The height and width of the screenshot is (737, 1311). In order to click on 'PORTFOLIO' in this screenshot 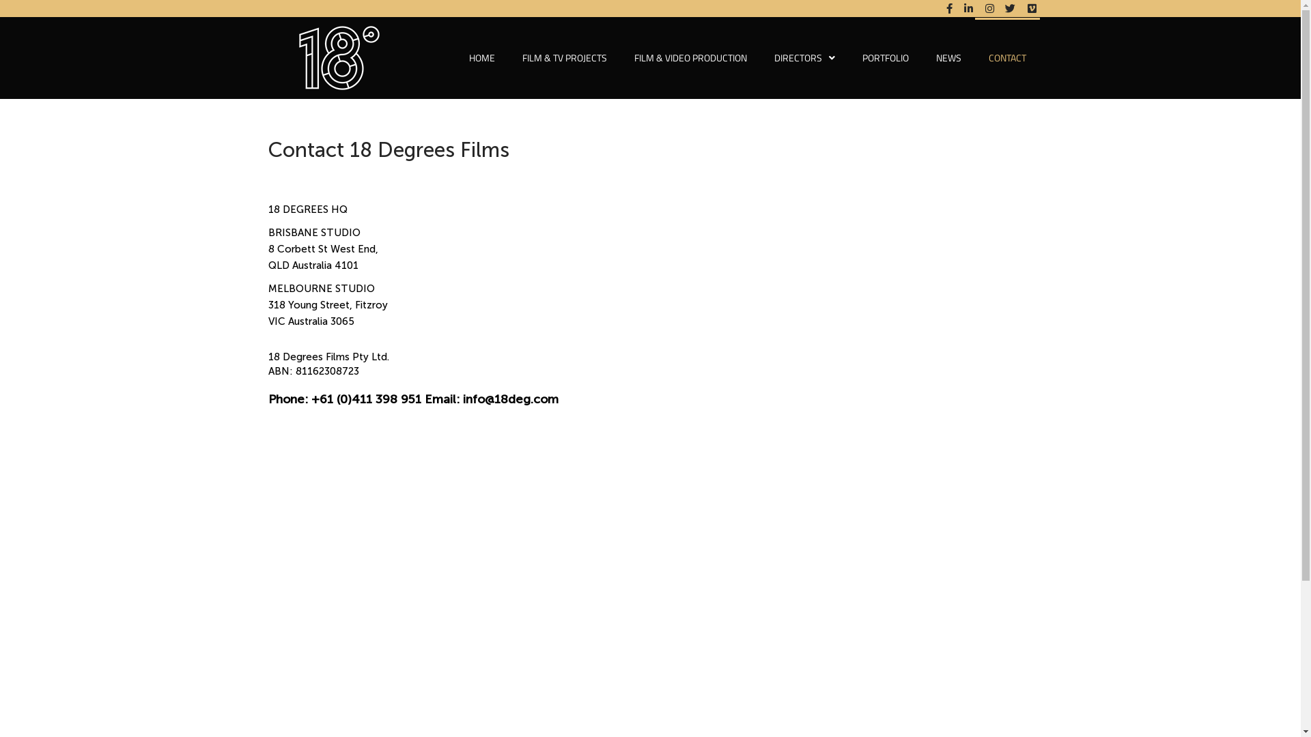, I will do `click(885, 57)`.